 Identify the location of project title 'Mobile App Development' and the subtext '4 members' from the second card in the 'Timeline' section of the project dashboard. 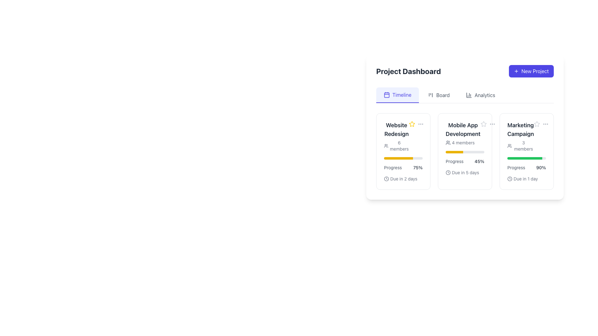
(465, 133).